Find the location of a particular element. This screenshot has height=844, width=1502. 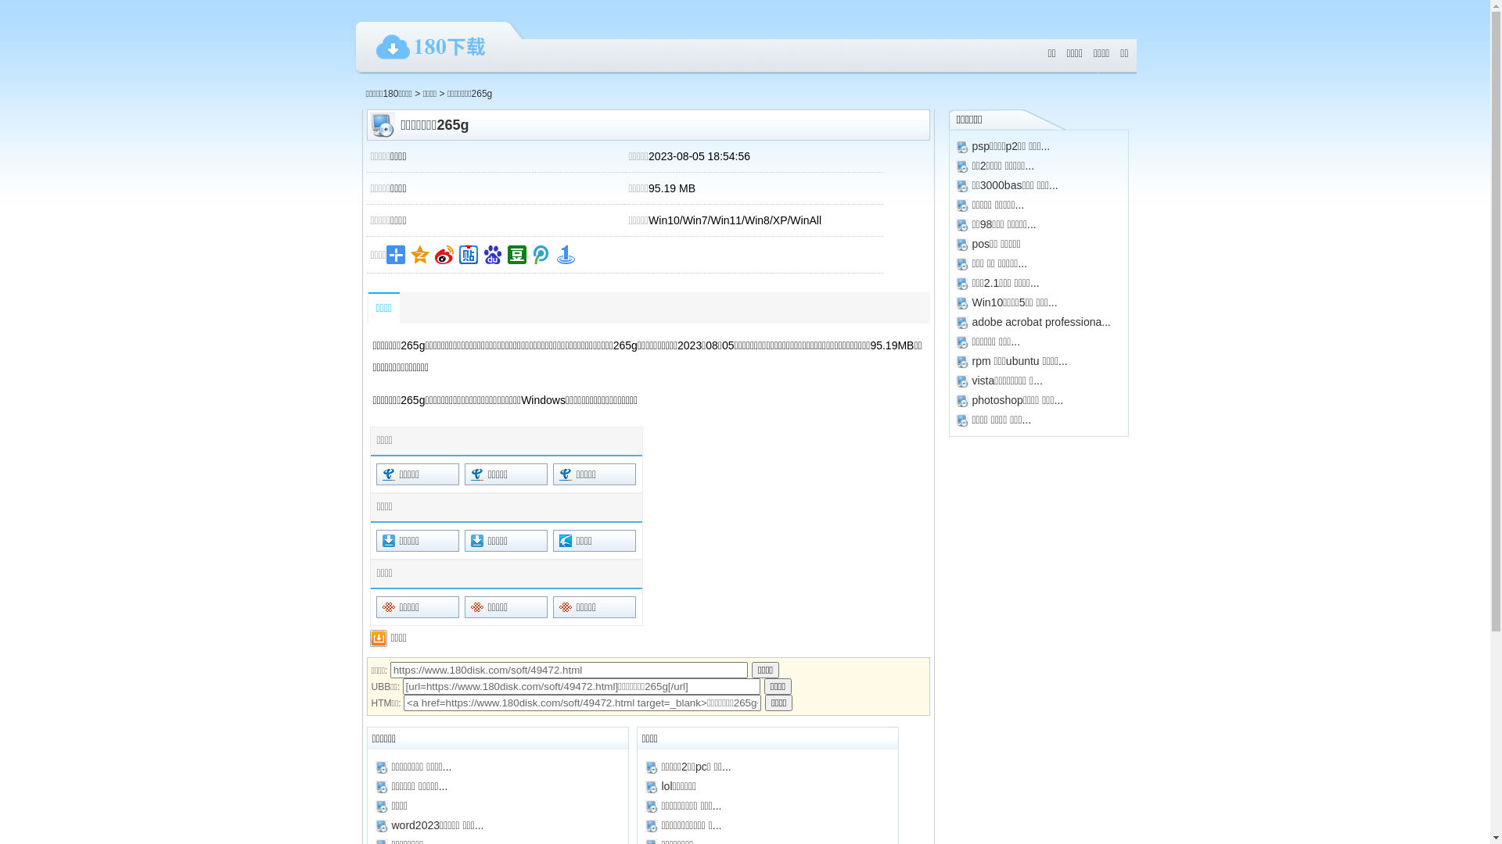

'https://www.180disk.com/soft/49472.html' is located at coordinates (568, 669).